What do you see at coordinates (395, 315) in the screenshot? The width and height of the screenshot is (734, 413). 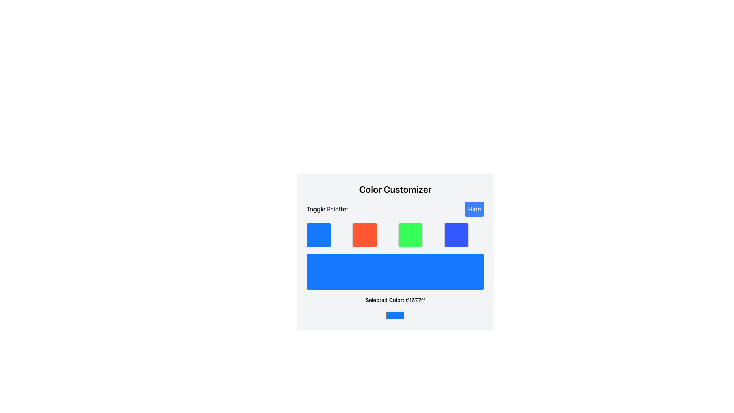 I see `the Color input field located at the bottom-right section of the 'Color Customizer' modal, which allows users to select or customize a color` at bounding box center [395, 315].